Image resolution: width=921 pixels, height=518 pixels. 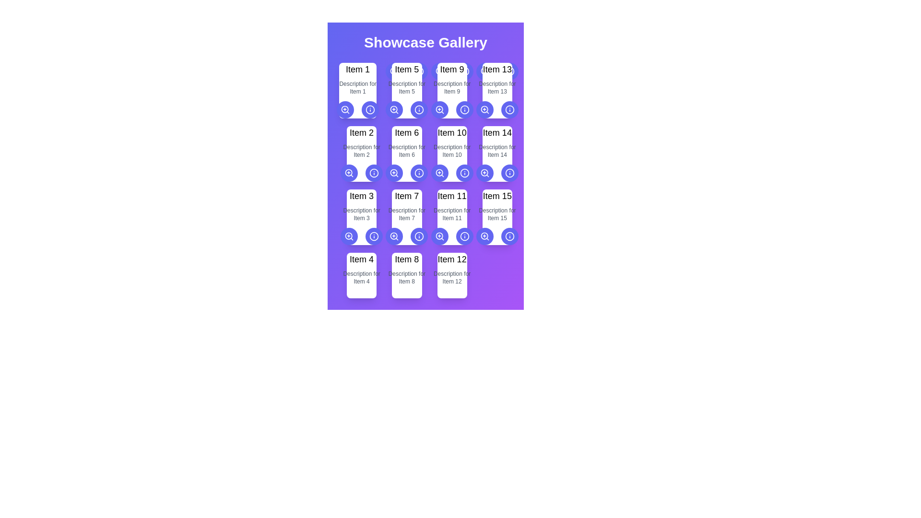 I want to click on the left button of the group of buttons located below the heading 'Item 9' to zoom in, so click(x=451, y=71).